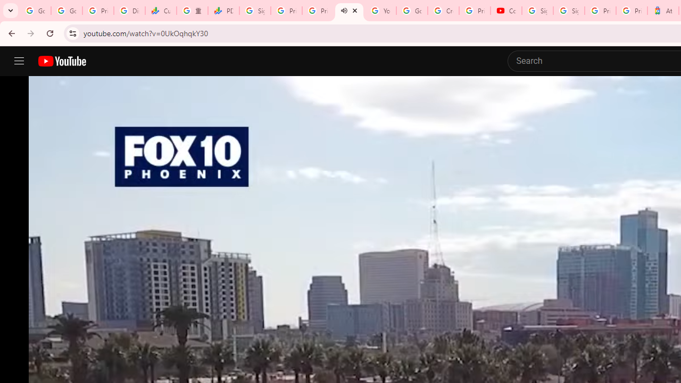  What do you see at coordinates (35, 11) in the screenshot?
I see `'Google Workspace Admin Community'` at bounding box center [35, 11].